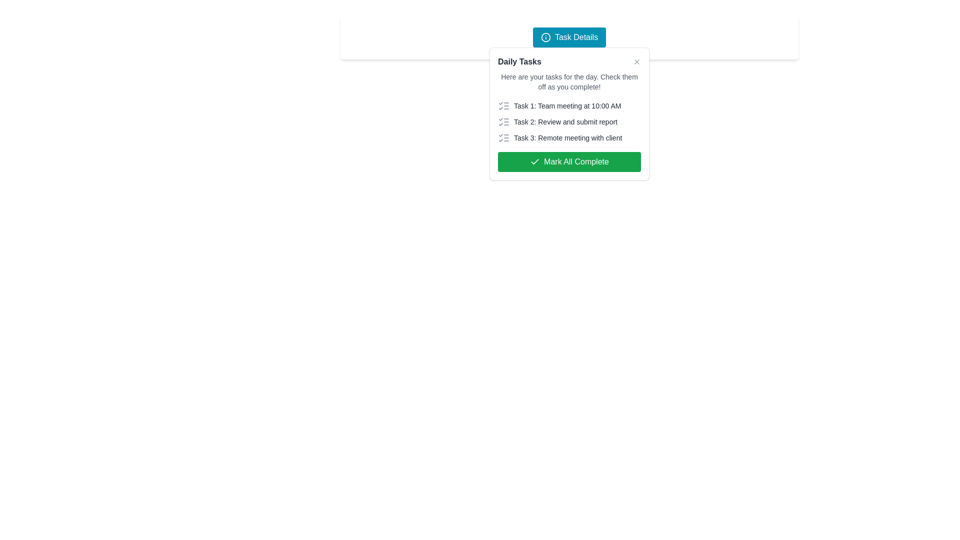  Describe the element at coordinates (569, 161) in the screenshot. I see `the green 'Mark All Complete' button located at the bottom of the popup panel` at that location.